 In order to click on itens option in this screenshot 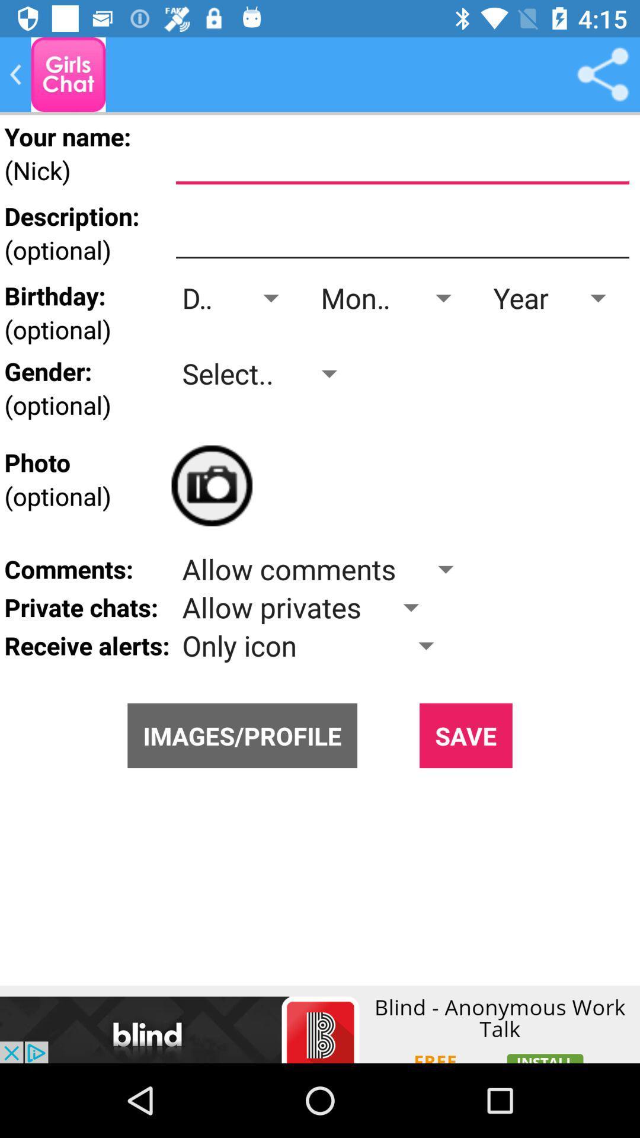, I will do `click(603, 73)`.